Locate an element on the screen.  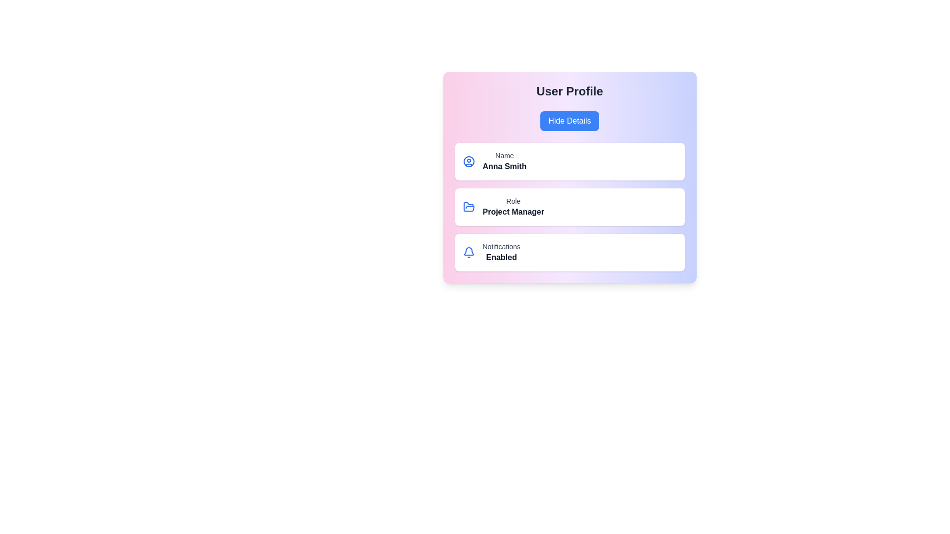
the notification icon located on the left side of the 'Notifications' section within the 'User Profile' card, which is visually distinct and positioned at the bottom under the 'Role' section is located at coordinates (468, 252).